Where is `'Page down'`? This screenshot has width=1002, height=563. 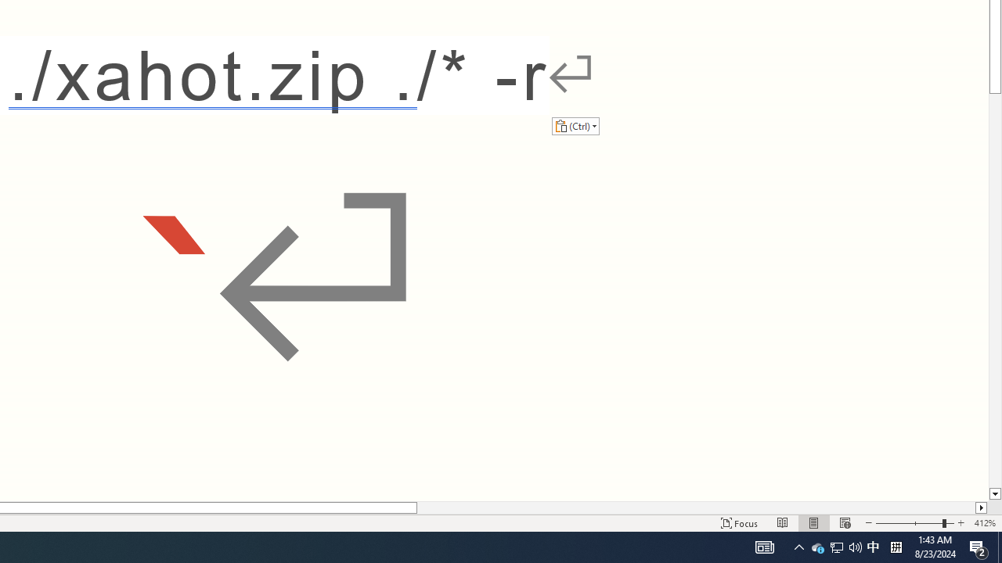 'Page down' is located at coordinates (994, 291).